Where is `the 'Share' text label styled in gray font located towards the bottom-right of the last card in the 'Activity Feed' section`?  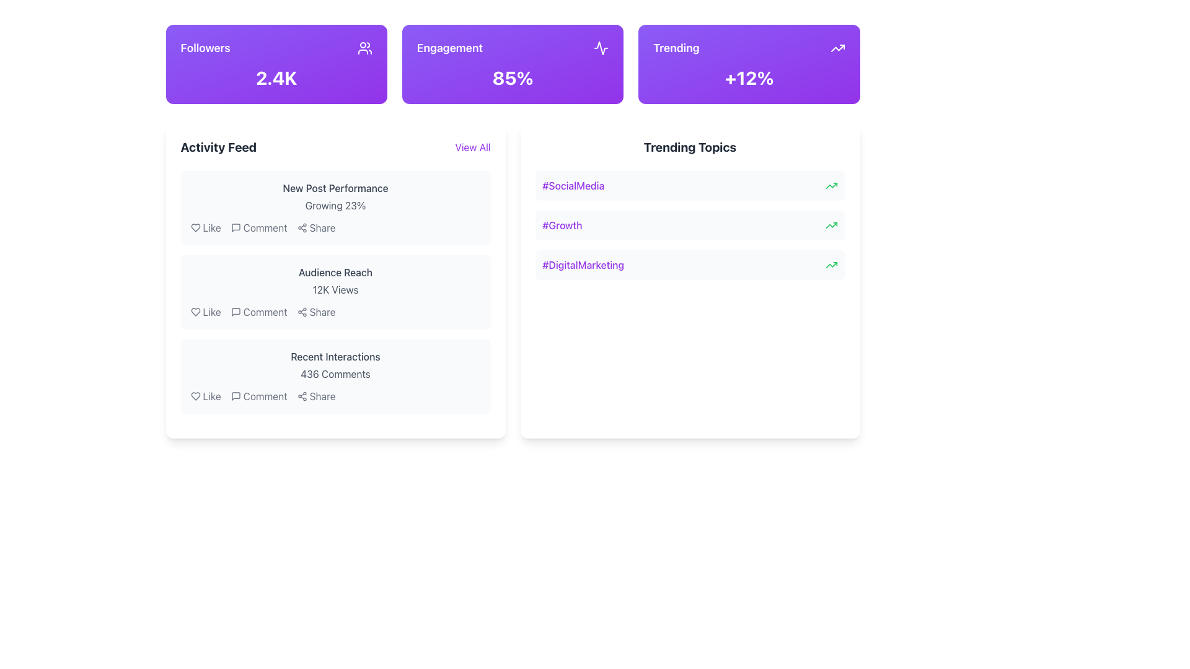
the 'Share' text label styled in gray font located towards the bottom-right of the last card in the 'Activity Feed' section is located at coordinates (322, 396).